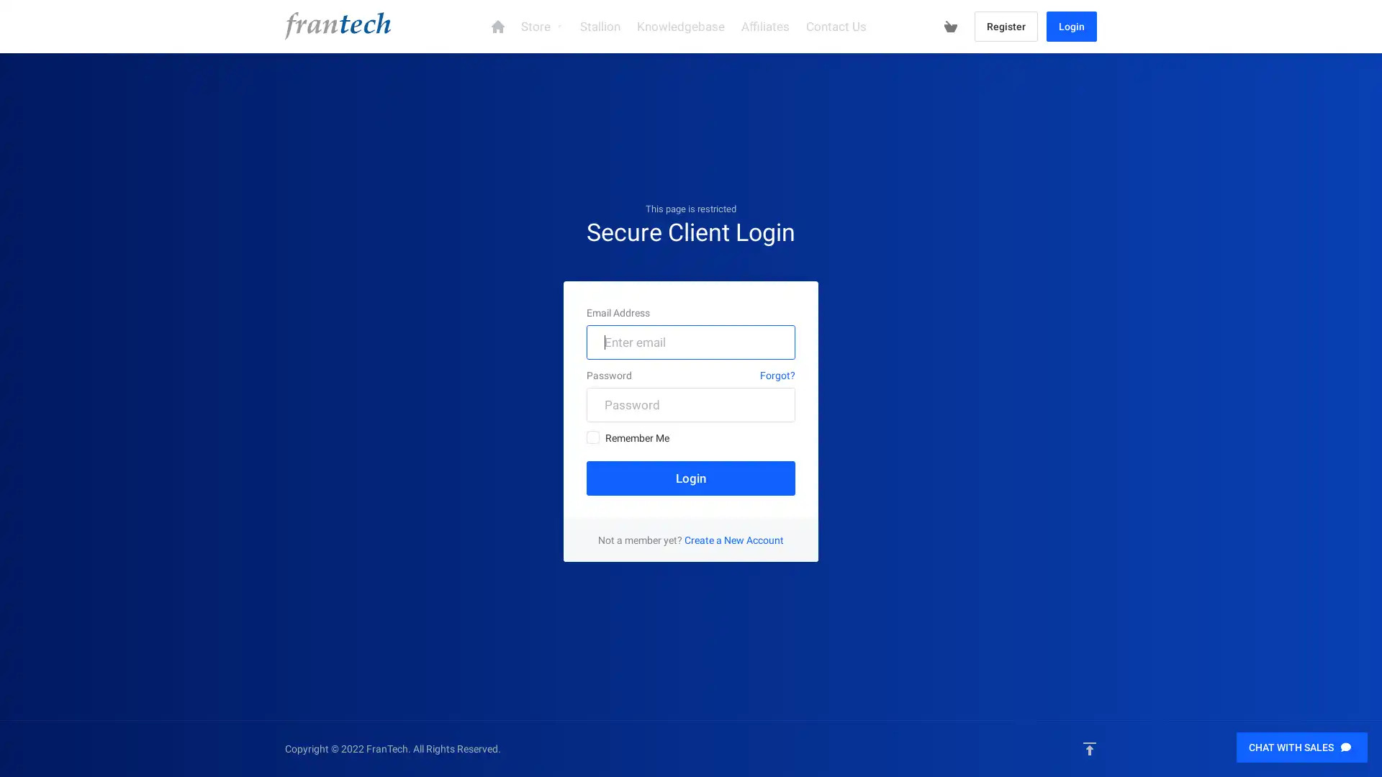 The width and height of the screenshot is (1382, 777). I want to click on Login, so click(691, 477).